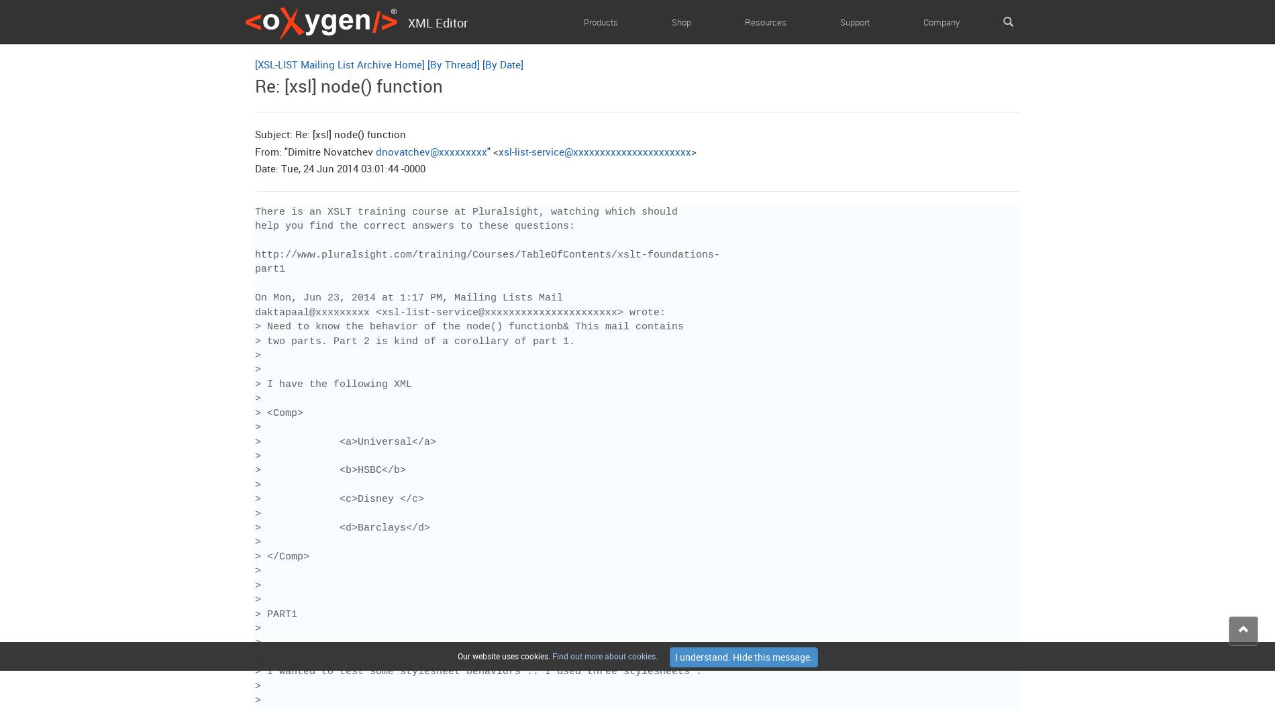  I want to click on 'Re: [xsl] node() function', so click(349, 85).